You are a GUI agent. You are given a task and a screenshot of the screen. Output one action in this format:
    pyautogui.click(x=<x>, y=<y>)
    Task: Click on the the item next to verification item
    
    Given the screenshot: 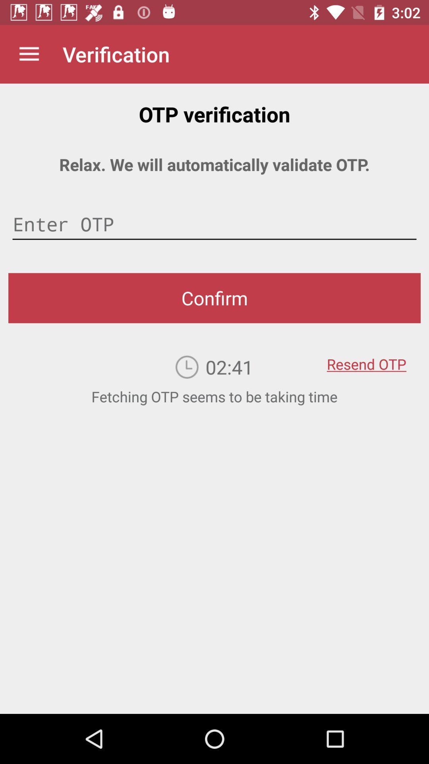 What is the action you would take?
    pyautogui.click(x=29, y=54)
    